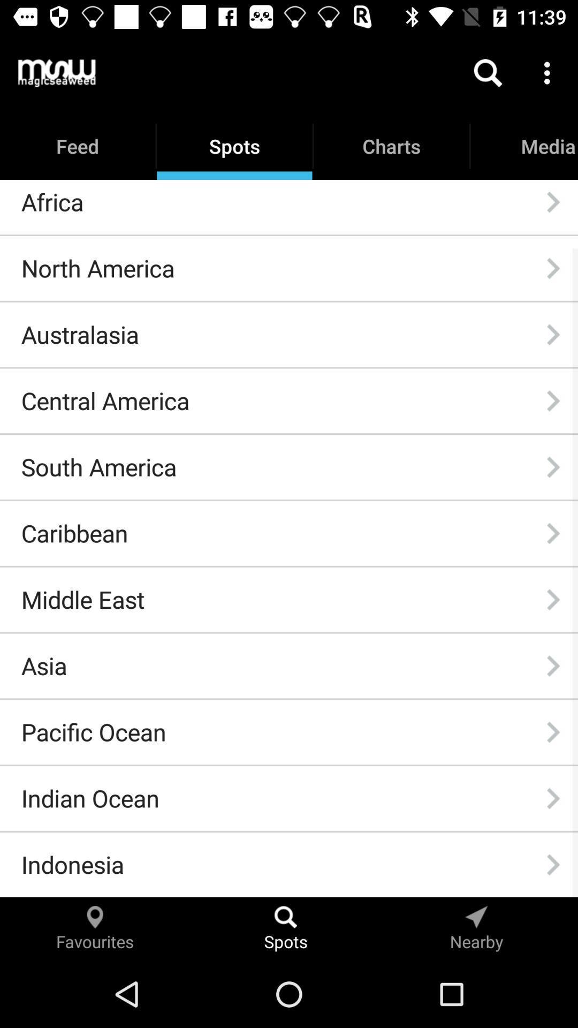 The height and width of the screenshot is (1028, 578). What do you see at coordinates (74, 533) in the screenshot?
I see `icon above the middle east` at bounding box center [74, 533].